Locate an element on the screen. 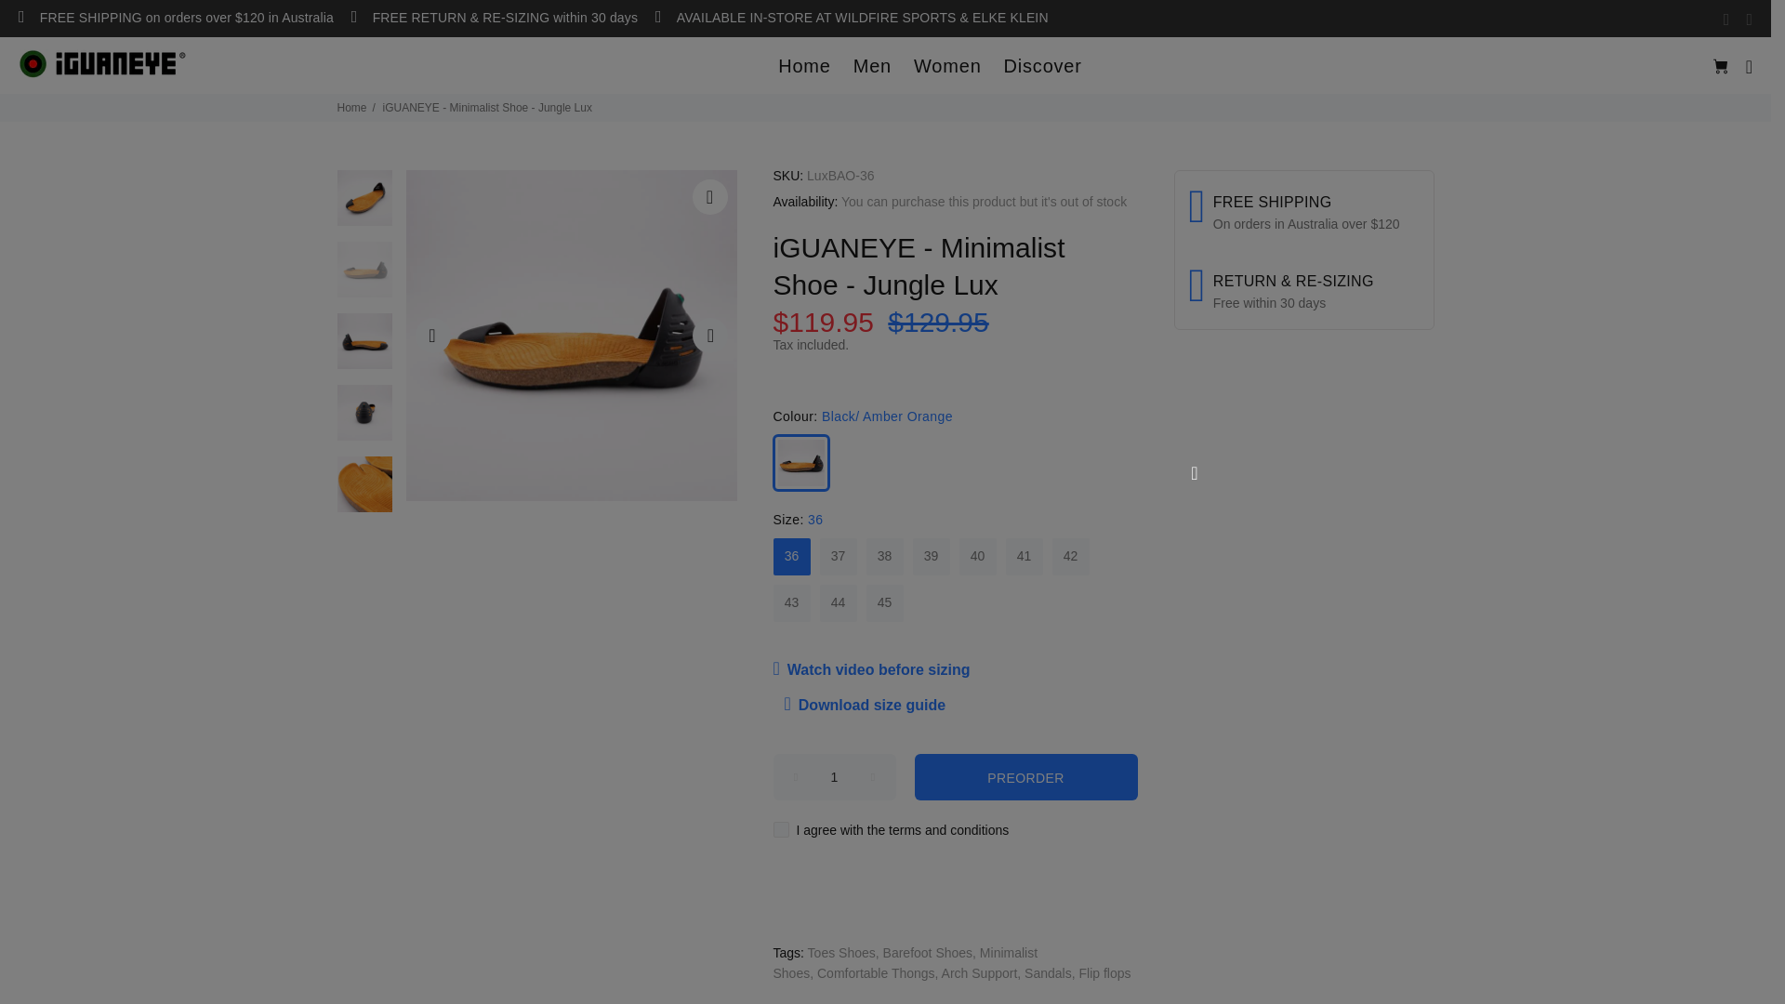 Image resolution: width=1785 pixels, height=1004 pixels. 'Sandals' is located at coordinates (1024, 971).